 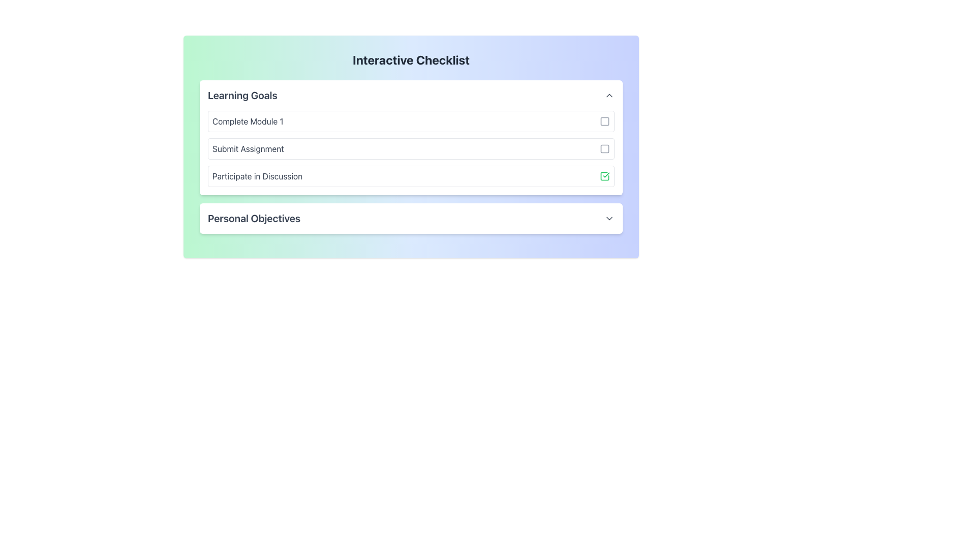 I want to click on the 'Submit Assignment' text label displayed in medium gray color, located in the second row of the 'Learning Goals' section of the checklist, so click(x=248, y=149).